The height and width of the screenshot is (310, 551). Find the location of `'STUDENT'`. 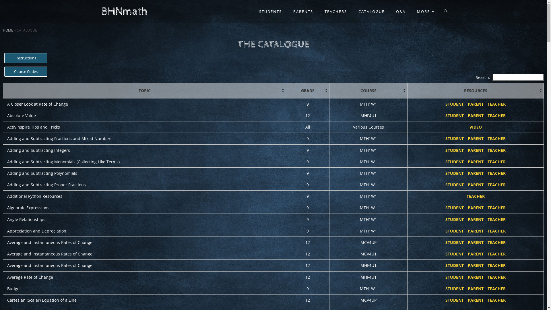

'STUDENT' is located at coordinates (445, 115).